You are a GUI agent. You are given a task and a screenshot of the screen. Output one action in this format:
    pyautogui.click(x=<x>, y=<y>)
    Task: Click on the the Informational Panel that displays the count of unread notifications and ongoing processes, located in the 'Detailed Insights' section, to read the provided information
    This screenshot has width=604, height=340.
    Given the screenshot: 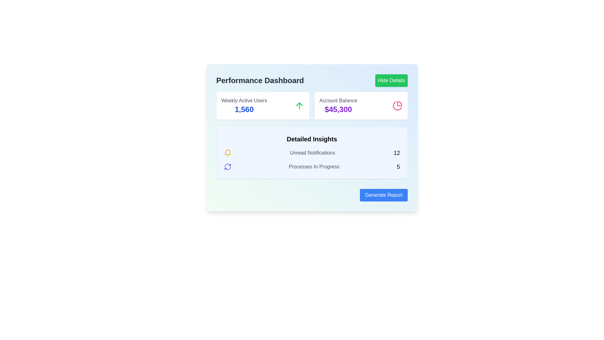 What is the action you would take?
    pyautogui.click(x=312, y=160)
    